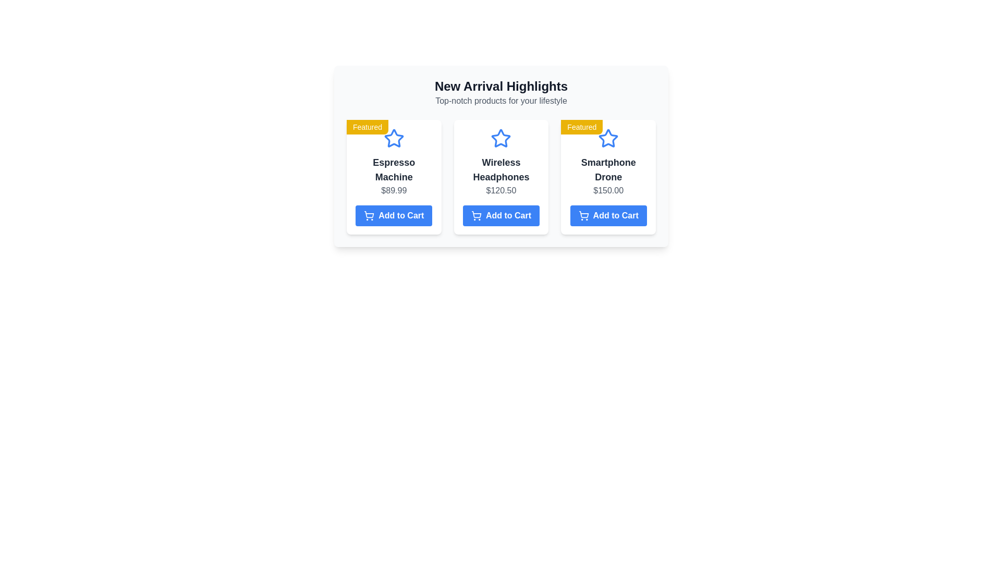 The width and height of the screenshot is (1001, 563). Describe the element at coordinates (583, 215) in the screenshot. I see `the shopping cart icon located within the 'Add to Cart' button for the 'Smartphone Drone' product` at that location.